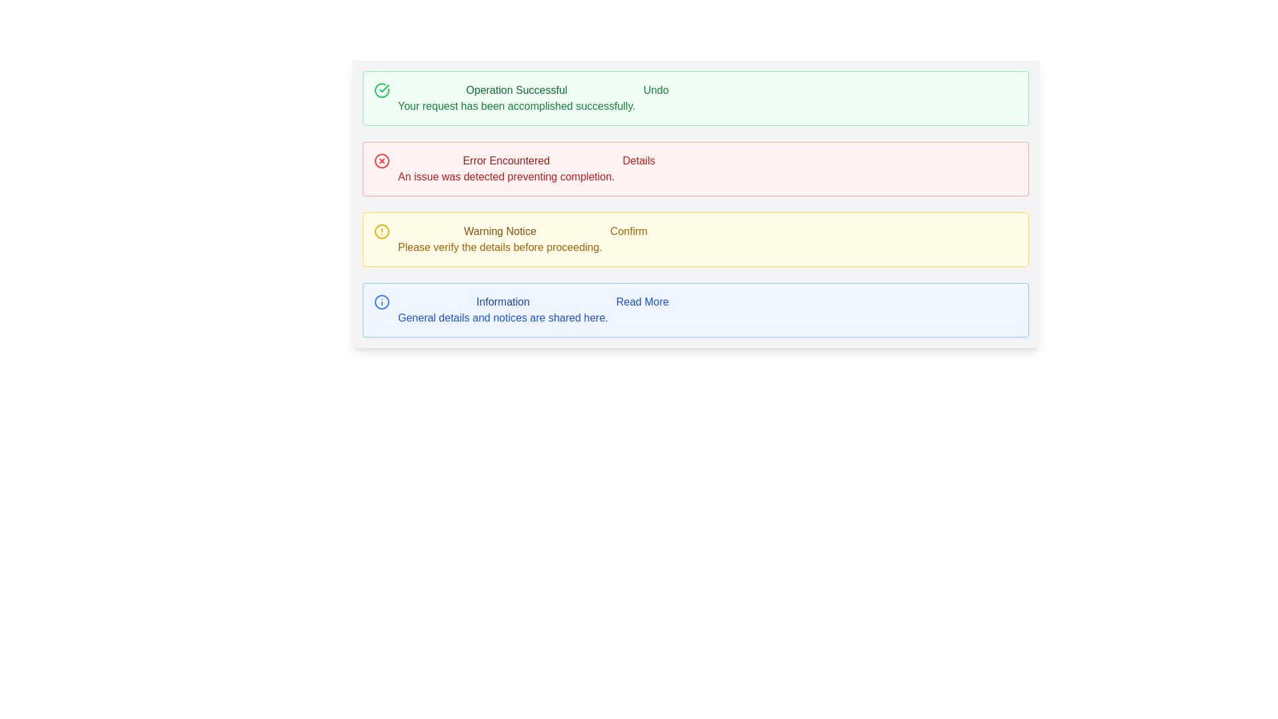 The image size is (1278, 719). Describe the element at coordinates (381, 230) in the screenshot. I see `the Warning Icon, which is a circle indicating a warning or alert message, located in the third horizontal segment from the top with a yellow background, positioned to the left of the text 'Warning Notice.'` at that location.